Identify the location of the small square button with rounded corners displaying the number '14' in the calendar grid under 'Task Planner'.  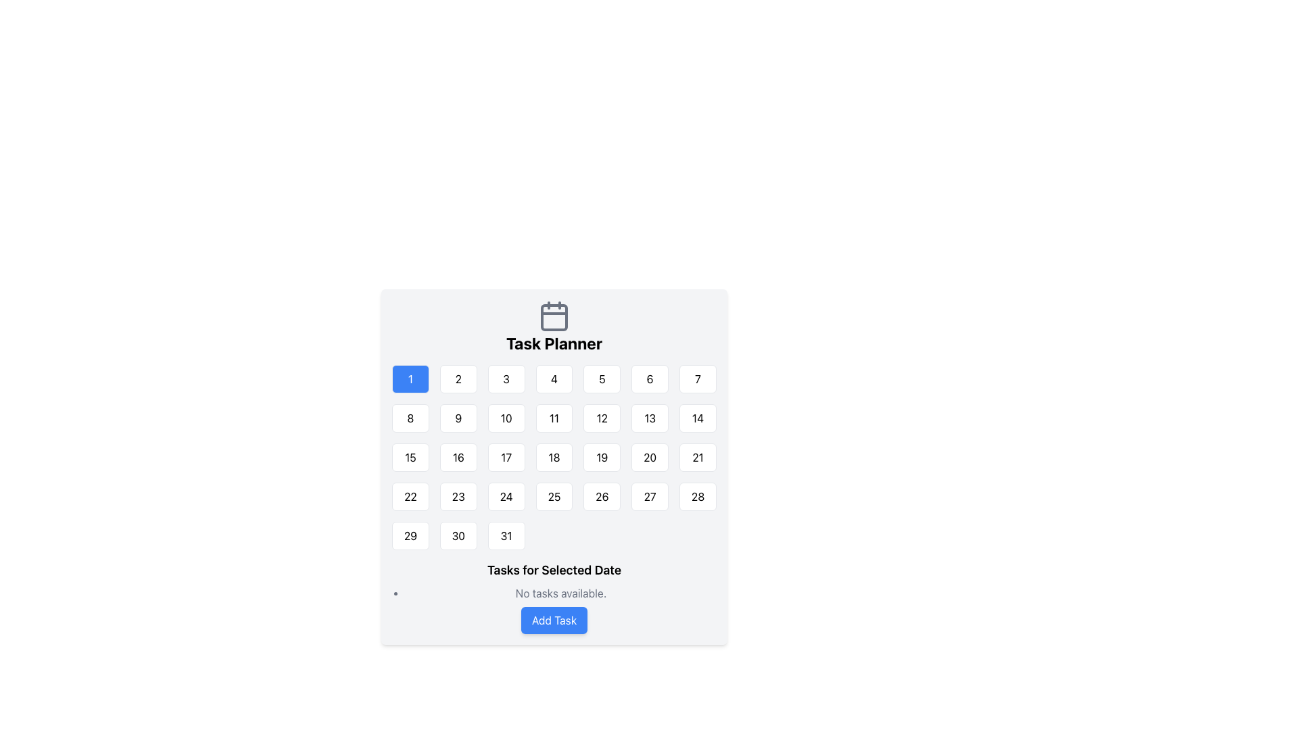
(698, 417).